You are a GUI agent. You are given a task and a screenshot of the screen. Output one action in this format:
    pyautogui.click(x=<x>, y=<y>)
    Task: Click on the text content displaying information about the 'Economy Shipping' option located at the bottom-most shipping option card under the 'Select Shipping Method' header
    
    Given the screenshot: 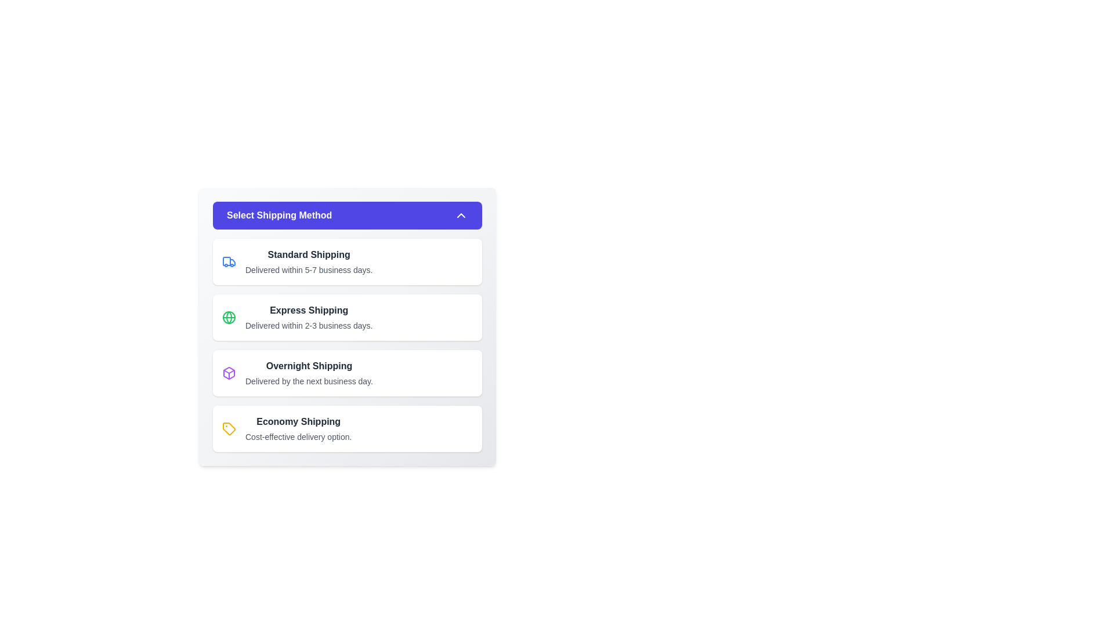 What is the action you would take?
    pyautogui.click(x=298, y=429)
    